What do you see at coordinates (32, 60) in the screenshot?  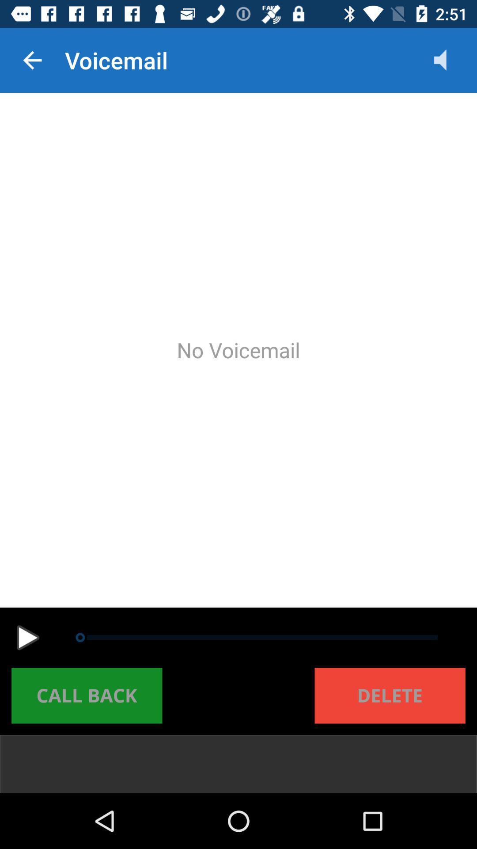 I see `the item at the top left corner` at bounding box center [32, 60].